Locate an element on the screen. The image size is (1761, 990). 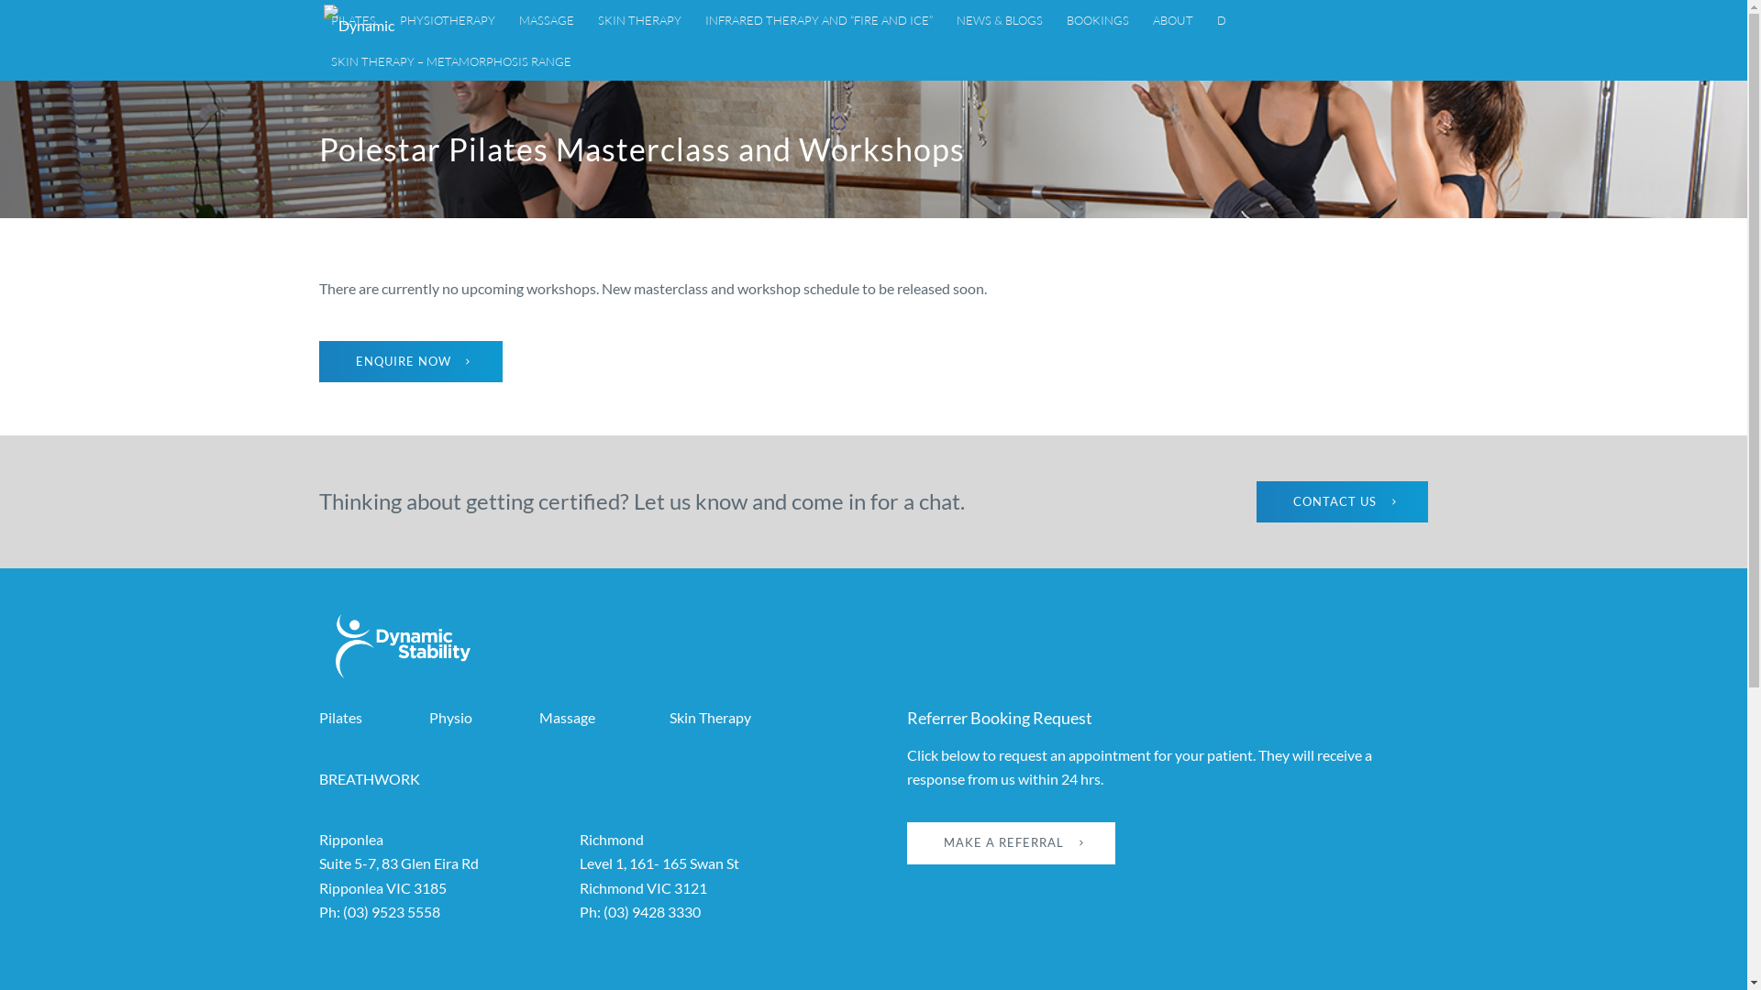
'CONTACT US' is located at coordinates (1255, 501).